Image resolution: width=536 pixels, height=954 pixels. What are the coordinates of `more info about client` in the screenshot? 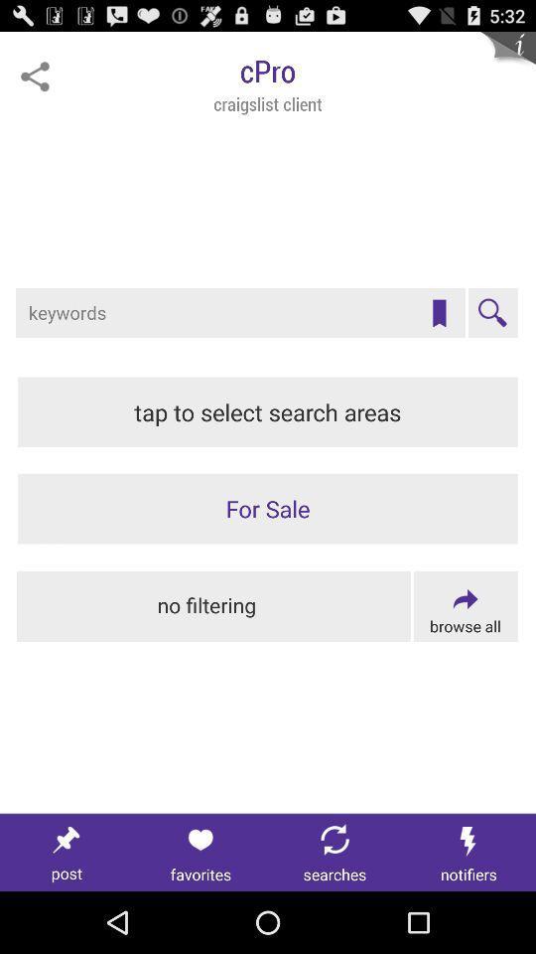 It's located at (507, 58).